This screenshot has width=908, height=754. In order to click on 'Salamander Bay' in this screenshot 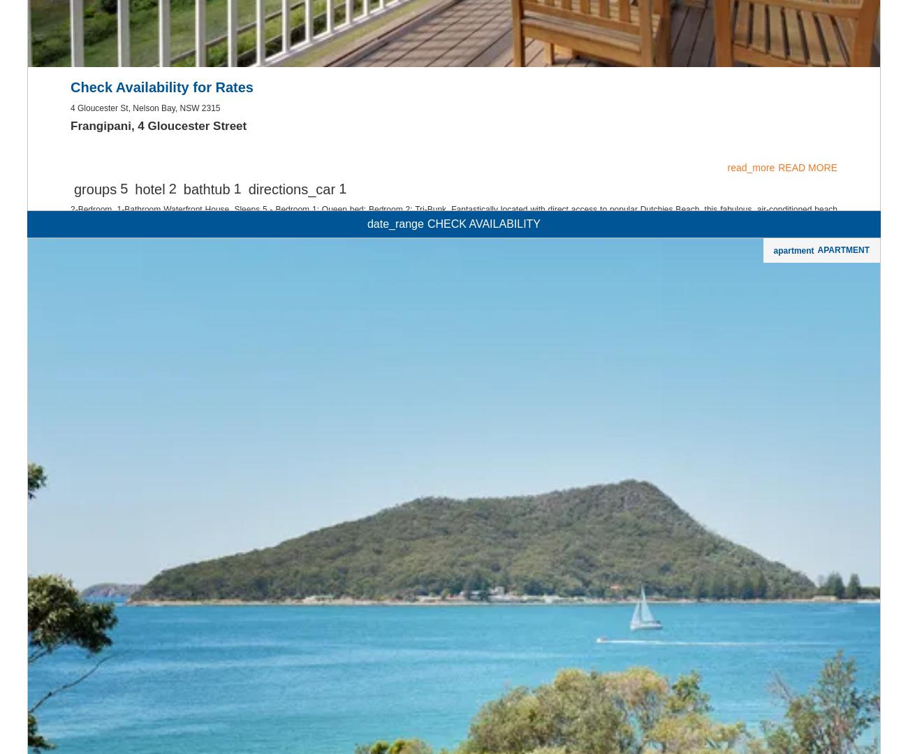, I will do `click(80, 347)`.